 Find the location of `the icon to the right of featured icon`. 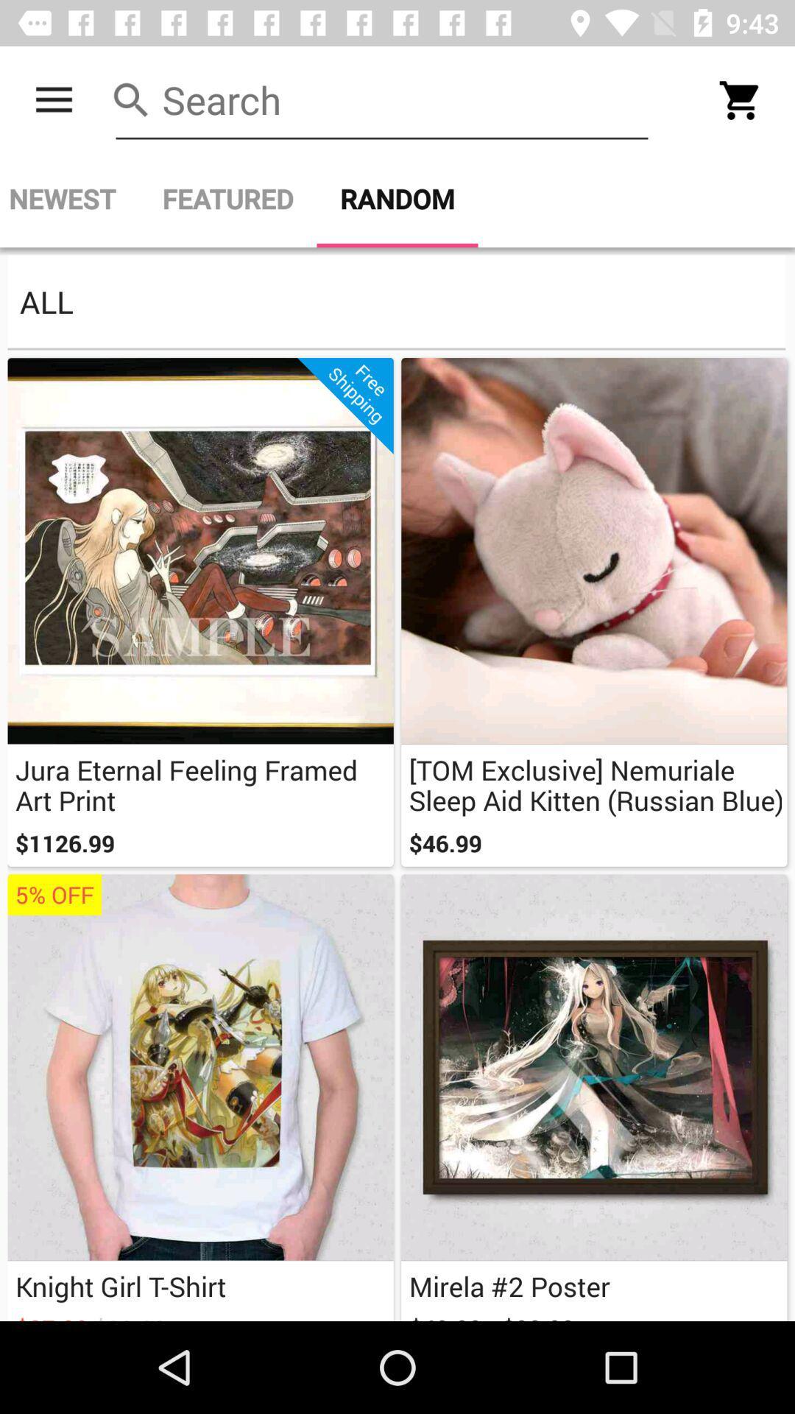

the icon to the right of featured icon is located at coordinates (397, 198).